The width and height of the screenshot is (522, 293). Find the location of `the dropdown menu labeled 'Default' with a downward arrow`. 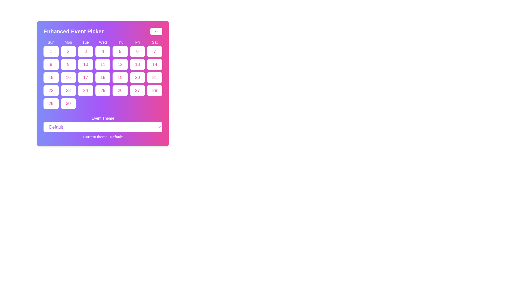

the dropdown menu labeled 'Default' with a downward arrow is located at coordinates (103, 127).